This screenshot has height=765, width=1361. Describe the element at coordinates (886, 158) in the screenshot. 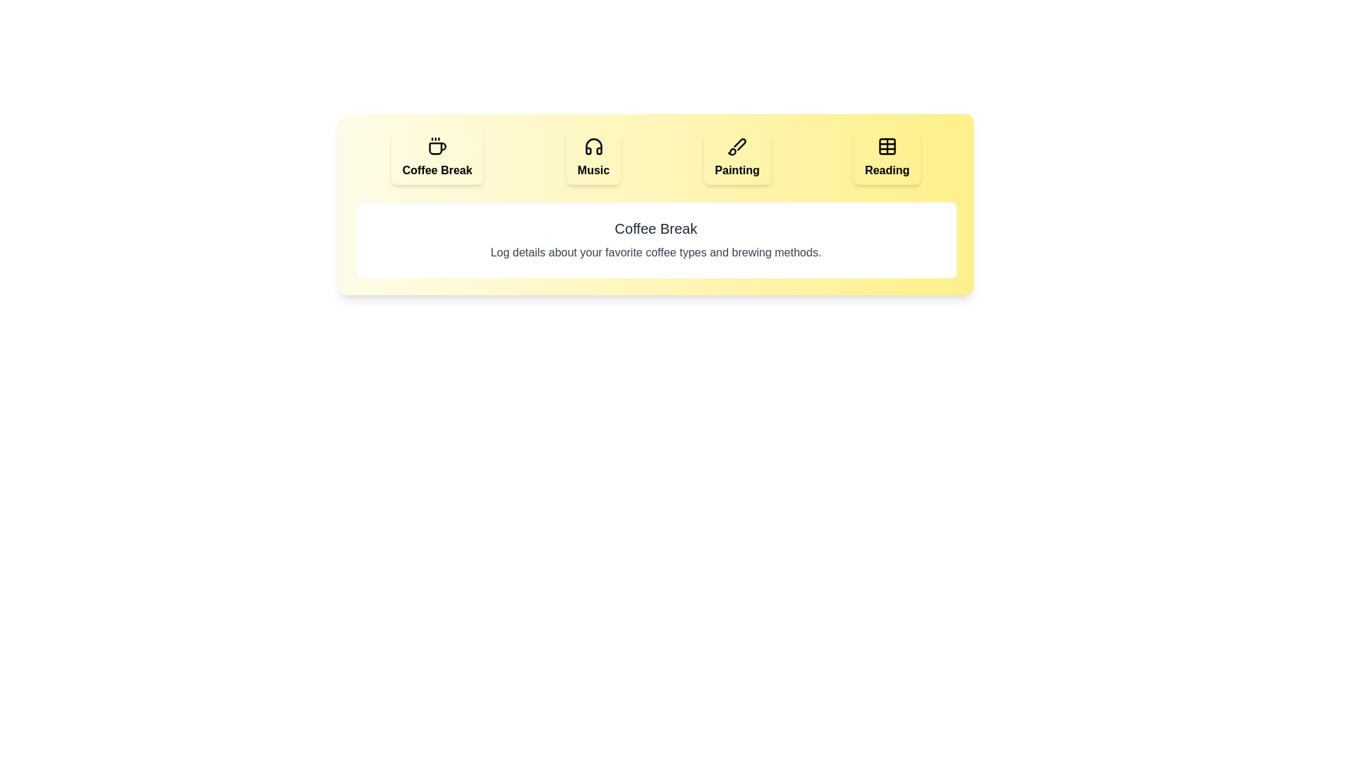

I see `the 'Reading' button, which is the farthest right among four horizontally arranged buttons, to trigger color changes for visual feedback` at that location.